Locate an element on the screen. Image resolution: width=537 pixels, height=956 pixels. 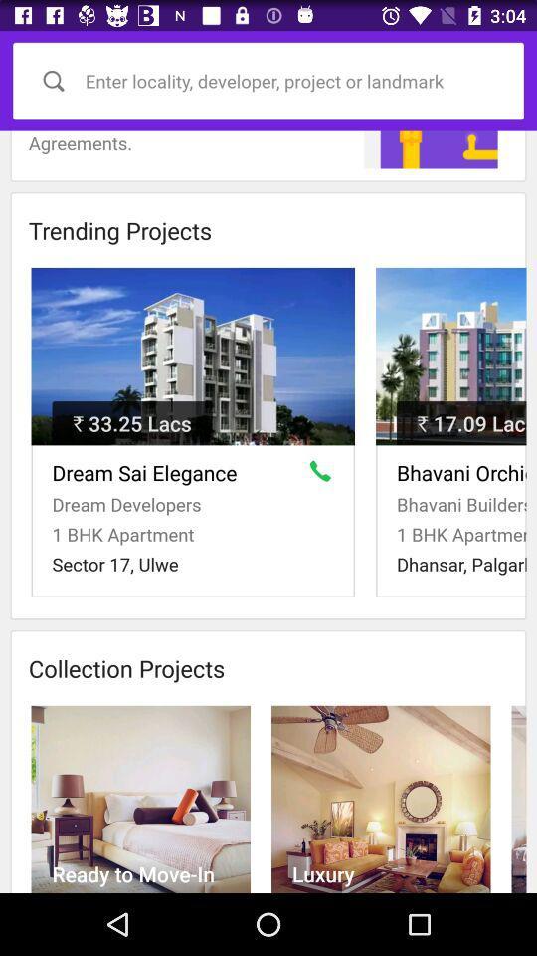
call this project is located at coordinates (324, 475).